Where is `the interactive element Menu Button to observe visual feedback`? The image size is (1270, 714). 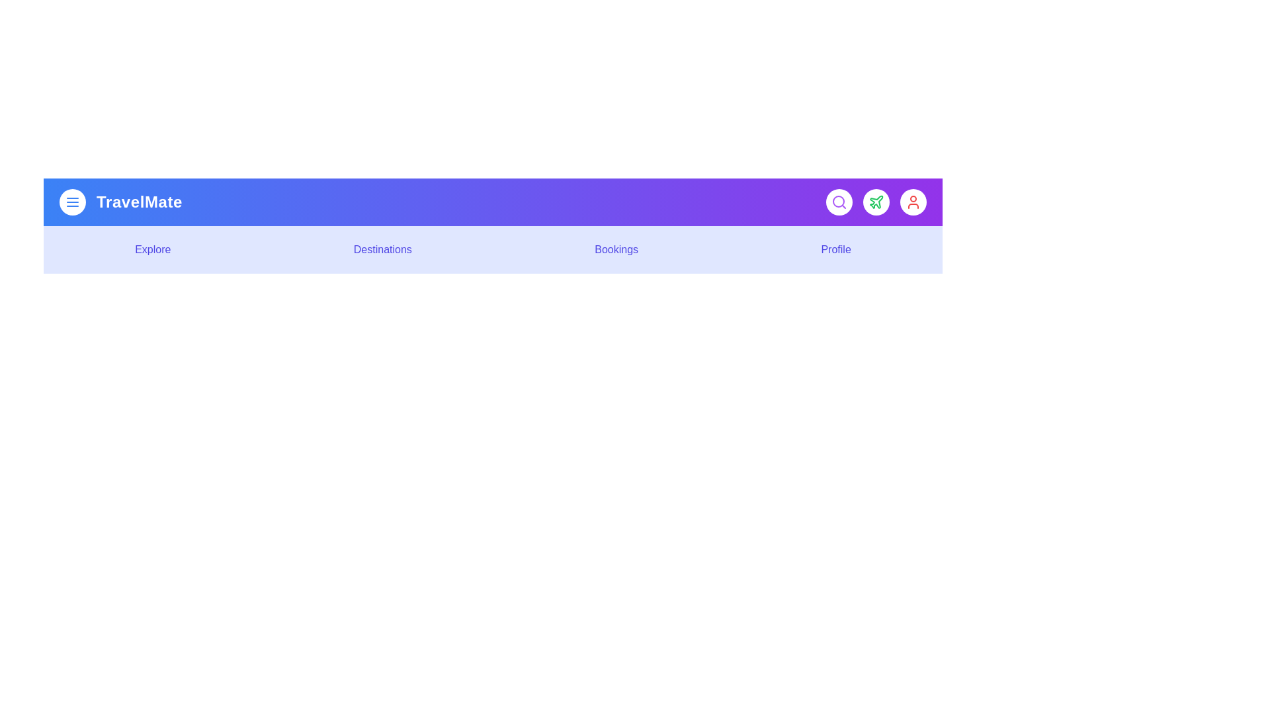 the interactive element Menu Button to observe visual feedback is located at coordinates (72, 202).